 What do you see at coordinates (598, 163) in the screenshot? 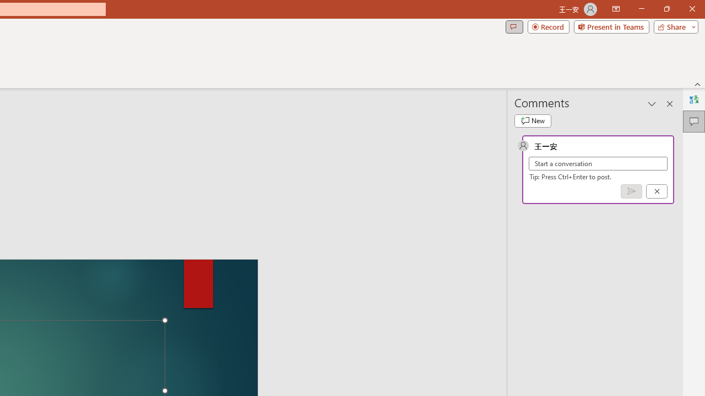
I see `'Start a conversation'` at bounding box center [598, 163].